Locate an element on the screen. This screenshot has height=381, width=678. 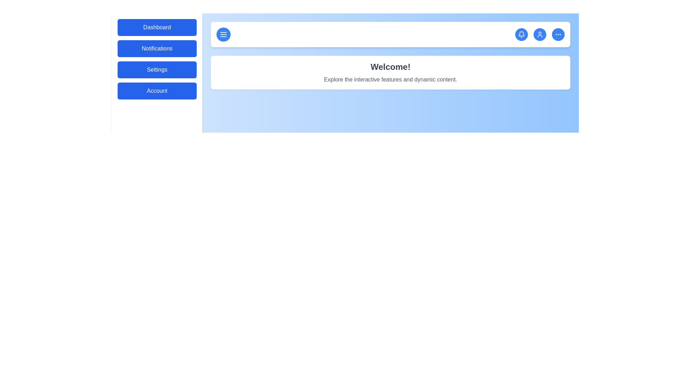
the 'Dashboard' menu item is located at coordinates (157, 27).